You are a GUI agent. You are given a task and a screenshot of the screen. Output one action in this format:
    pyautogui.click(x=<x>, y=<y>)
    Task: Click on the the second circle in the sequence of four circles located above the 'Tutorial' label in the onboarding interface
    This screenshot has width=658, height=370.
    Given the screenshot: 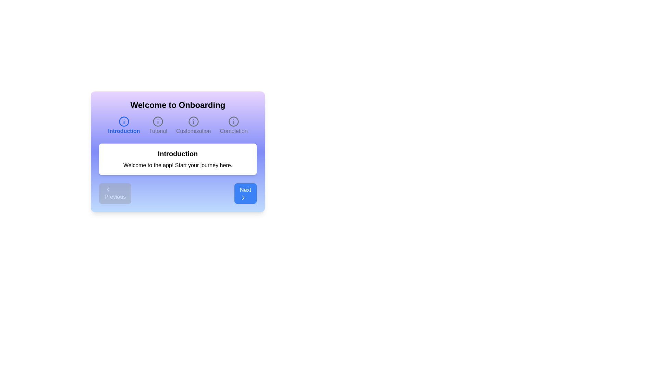 What is the action you would take?
    pyautogui.click(x=158, y=121)
    